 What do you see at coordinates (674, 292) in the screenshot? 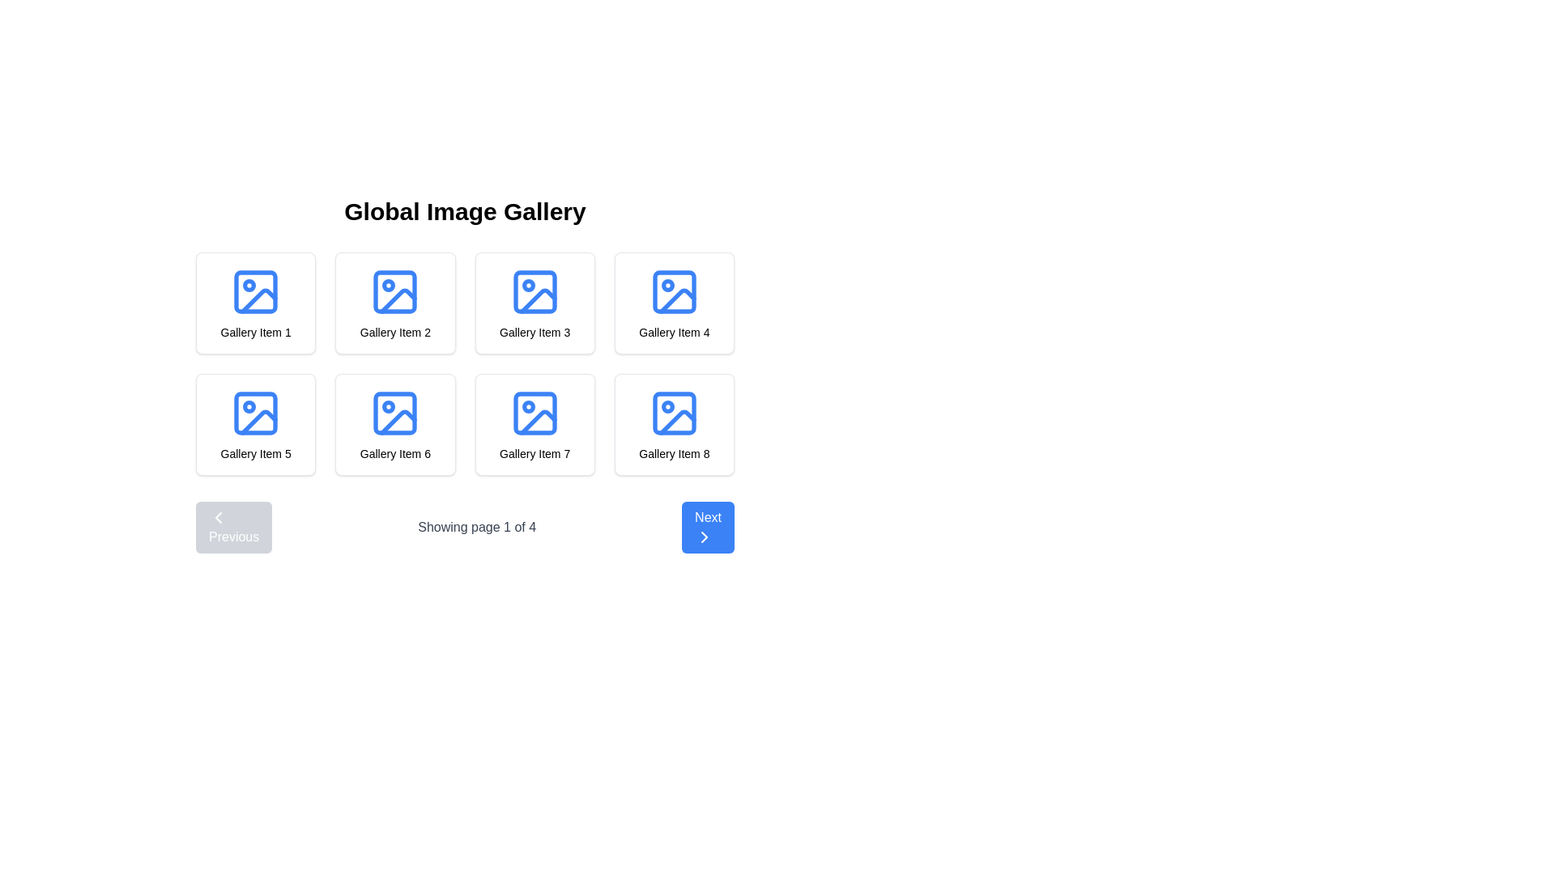
I see `the blue icon resembling a picture frame located in the fourth column of the top row within the grid, which is part of the card labeled 'Gallery Item 4'` at bounding box center [674, 292].